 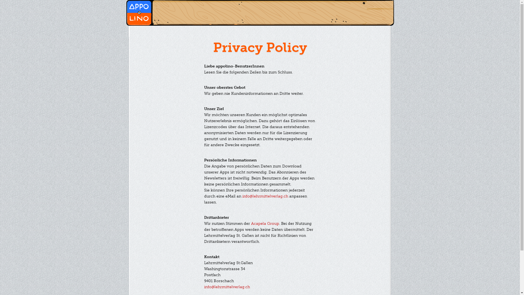 I want to click on 'Acapela Group', so click(x=265, y=223).